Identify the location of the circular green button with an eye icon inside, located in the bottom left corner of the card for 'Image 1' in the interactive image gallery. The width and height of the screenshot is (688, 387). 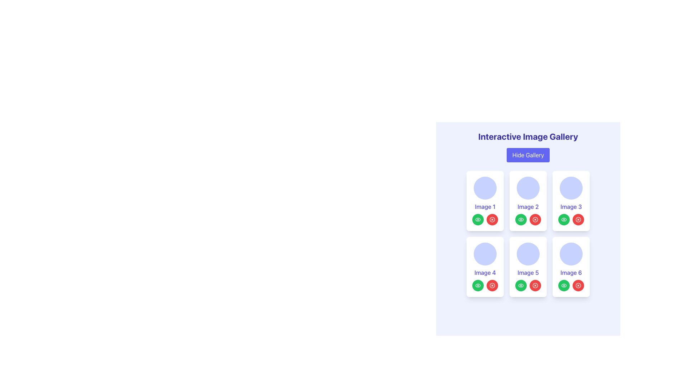
(478, 219).